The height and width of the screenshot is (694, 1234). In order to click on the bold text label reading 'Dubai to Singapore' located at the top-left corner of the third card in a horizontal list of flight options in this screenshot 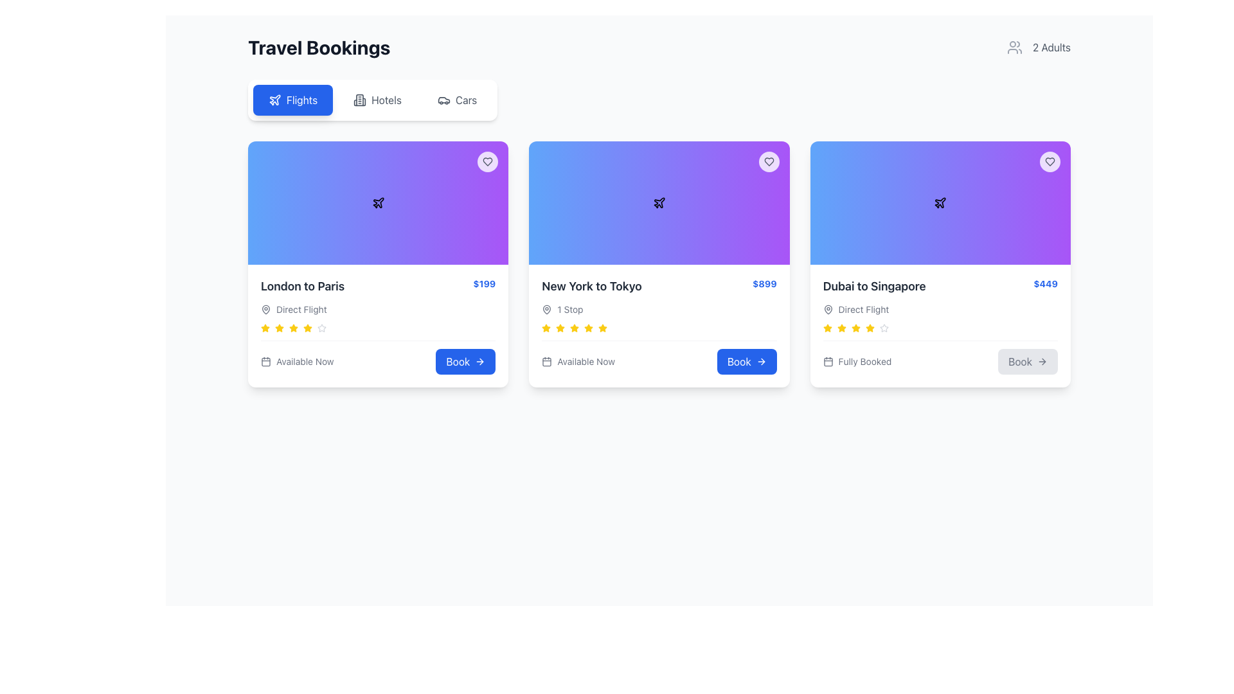, I will do `click(874, 286)`.